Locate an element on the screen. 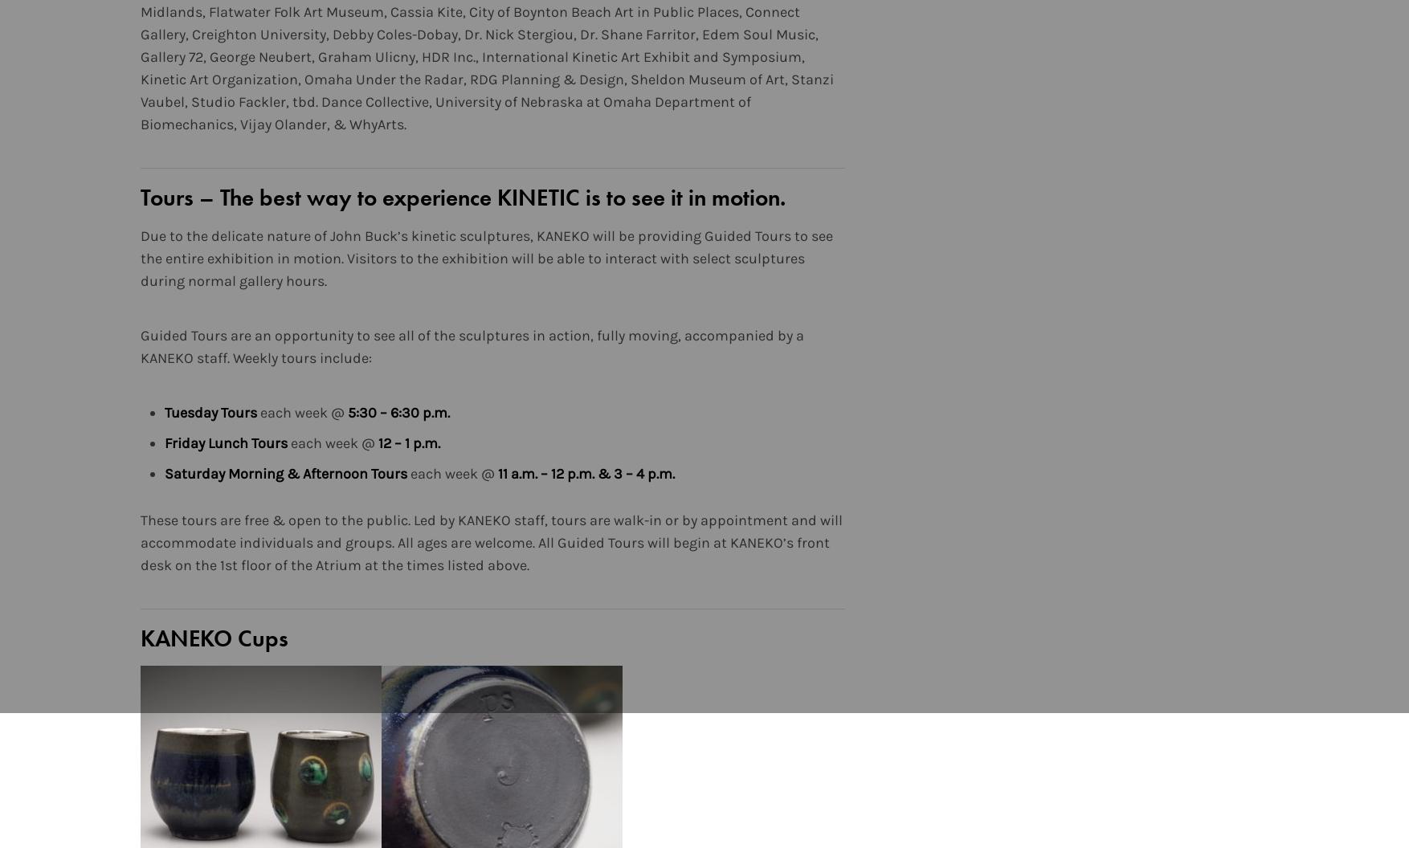 Image resolution: width=1409 pixels, height=848 pixels. 'These tours are free & open to the public. Led by KANEKO staff, tours are walk-in or by appointment and will accommodate individuals and groups. All ages are welcome. All Guided Tours will begin at KANEKO’s front desk on the 1st floor of the Atrium at the times listed above.' is located at coordinates (491, 543).